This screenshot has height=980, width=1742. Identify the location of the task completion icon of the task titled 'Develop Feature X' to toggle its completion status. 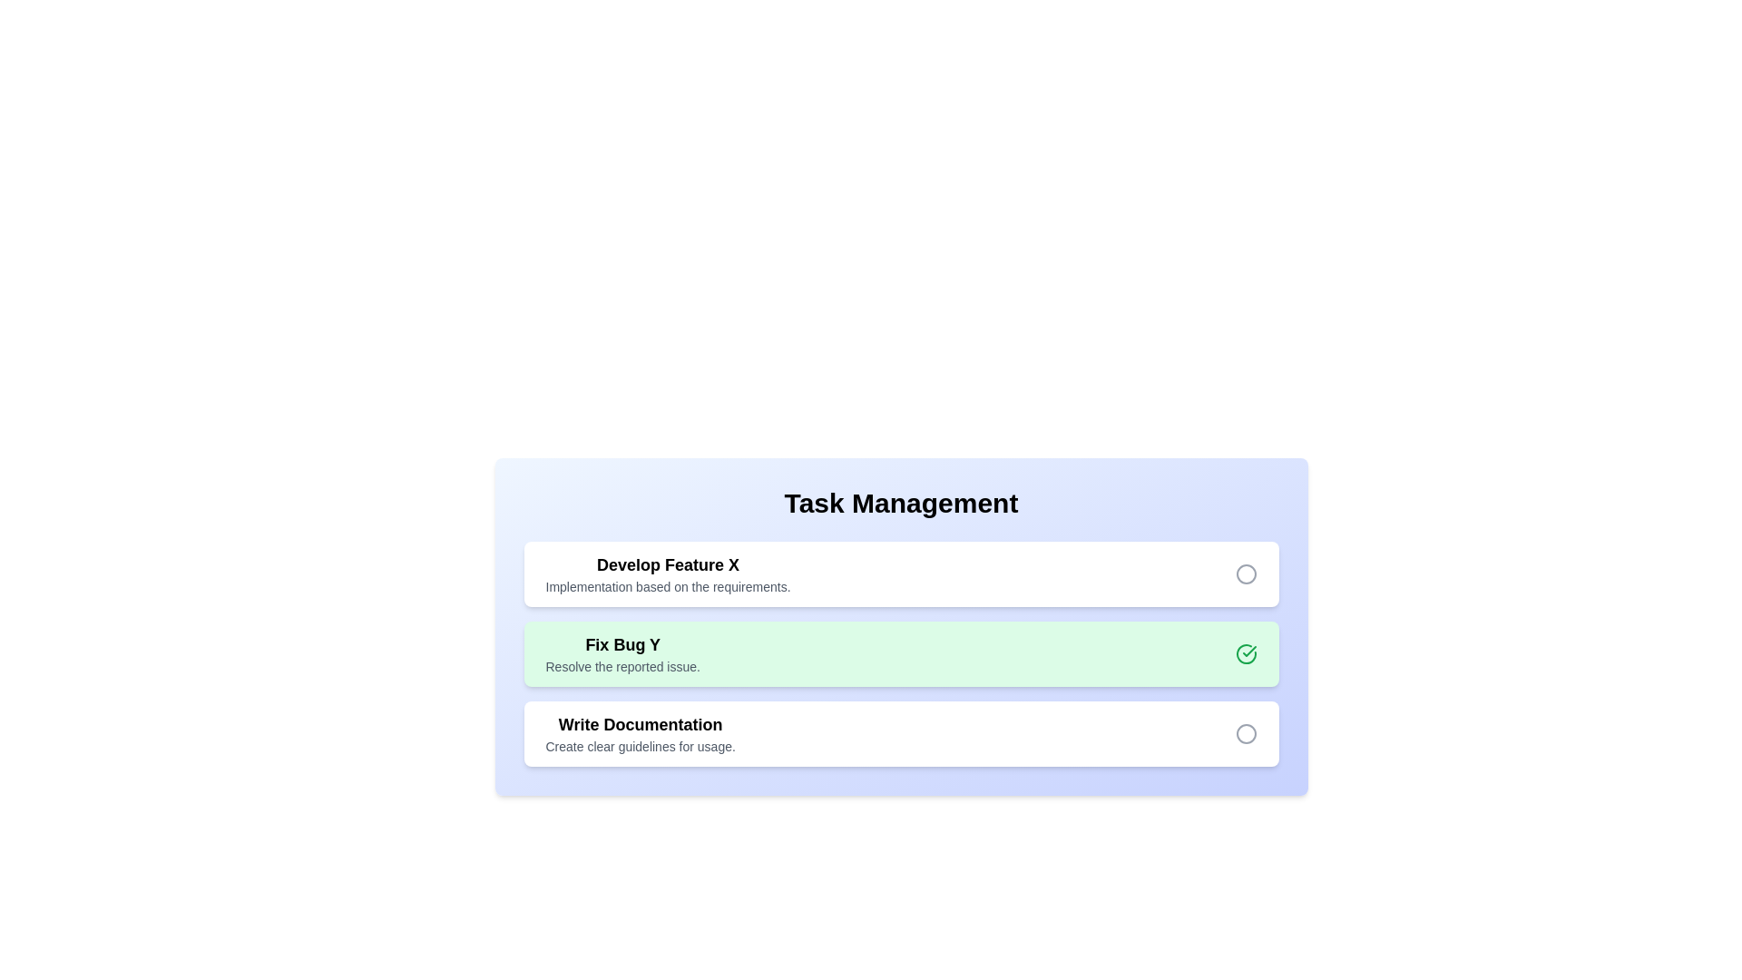
(1245, 573).